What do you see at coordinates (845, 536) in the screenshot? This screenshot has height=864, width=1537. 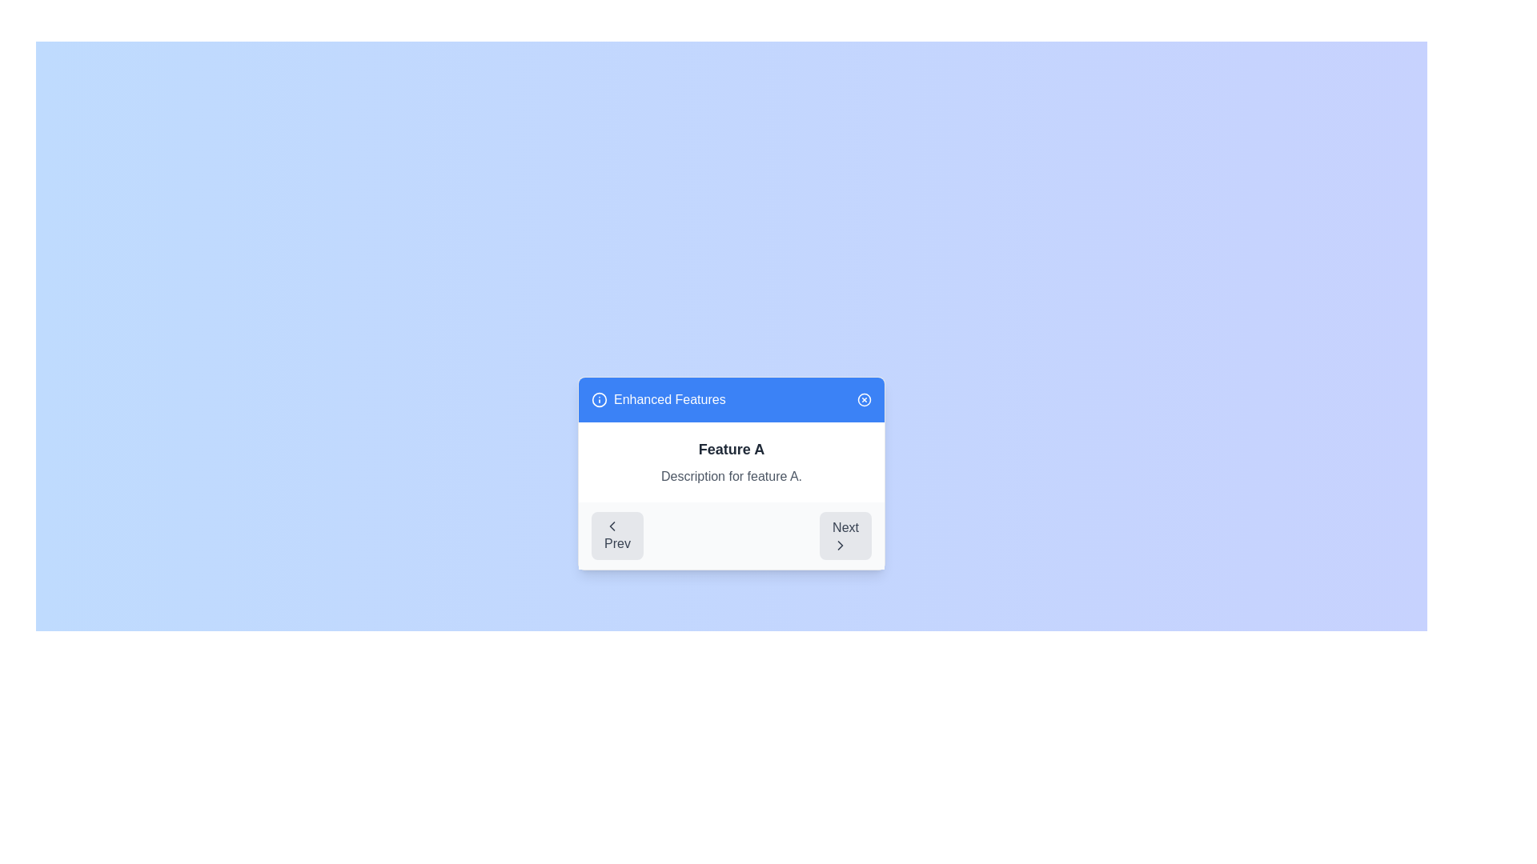 I see `the 'Next' button with a light gray background and bold dark gray text` at bounding box center [845, 536].